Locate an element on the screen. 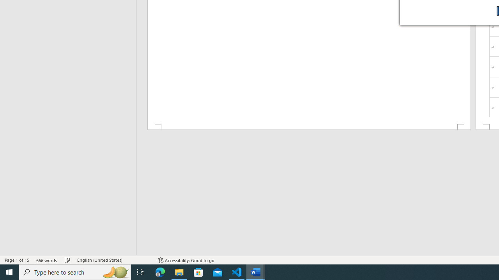  'Word - 2 running windows' is located at coordinates (256, 271).